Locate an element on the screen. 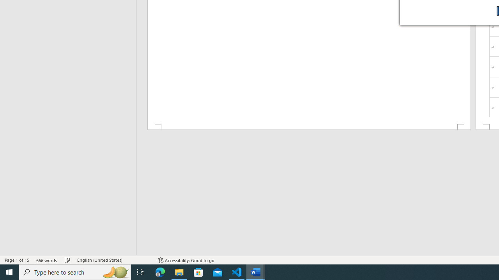  'Word - 2 running windows' is located at coordinates (256, 271).